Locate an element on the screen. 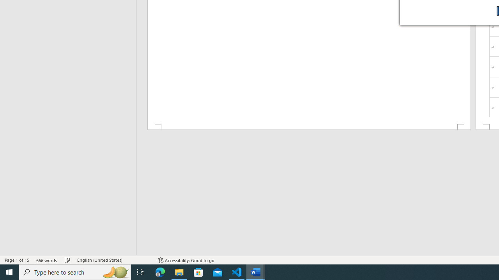  'Word - 2 running windows' is located at coordinates (256, 271).